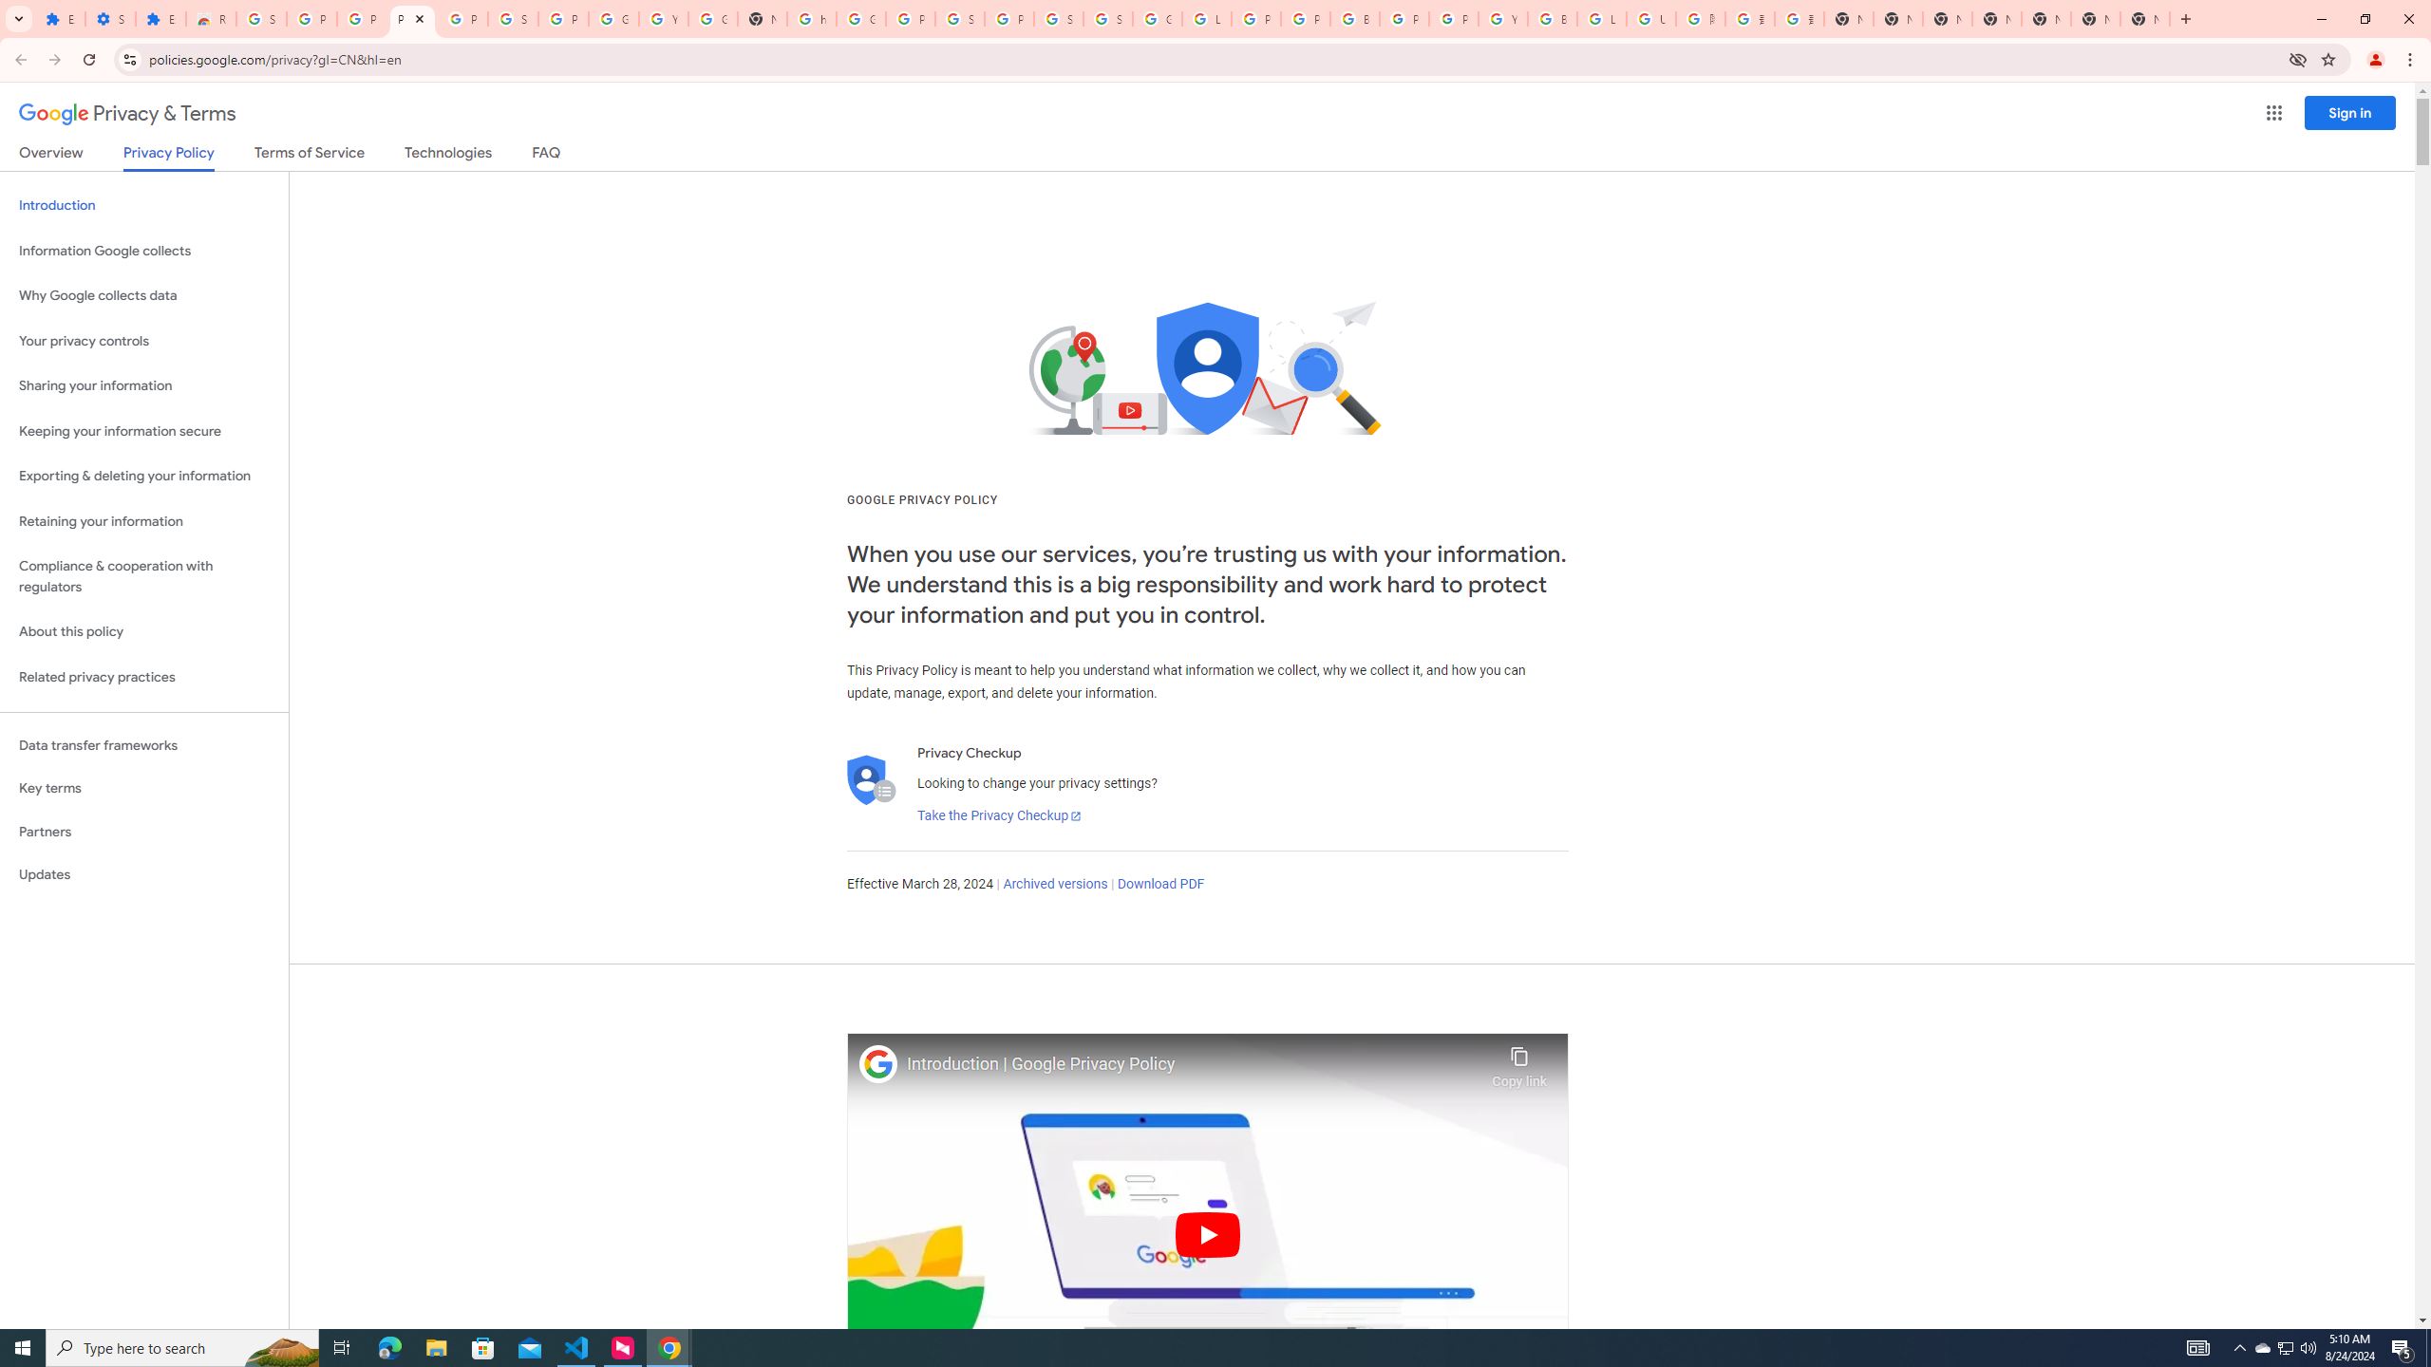  I want to click on 'Sign in - Google Accounts', so click(1107, 18).